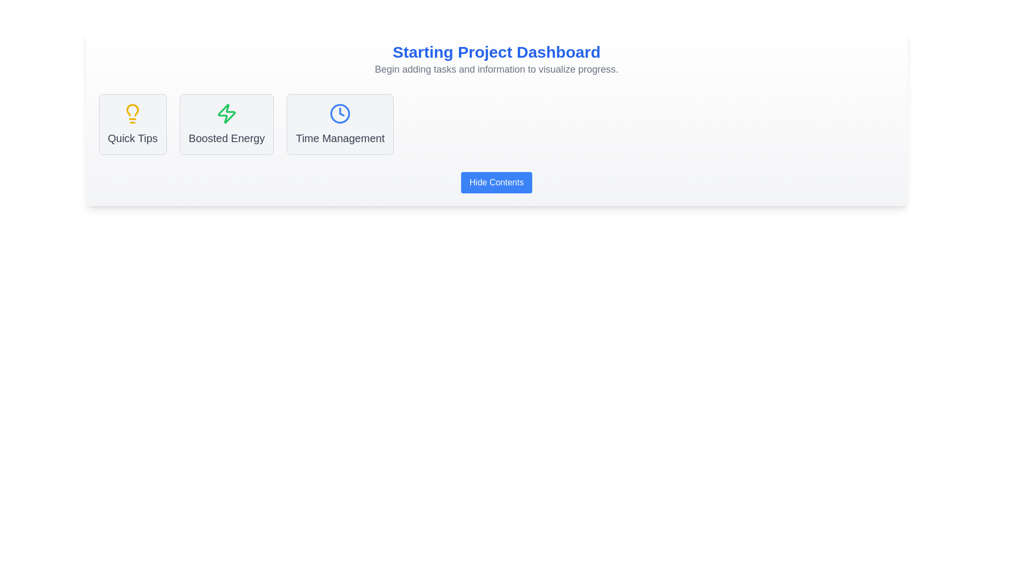 This screenshot has height=577, width=1027. I want to click on the 'Time Management' icon, which is the third button in a horizontal sequence of three buttons located centrally in the interface, so click(340, 113).